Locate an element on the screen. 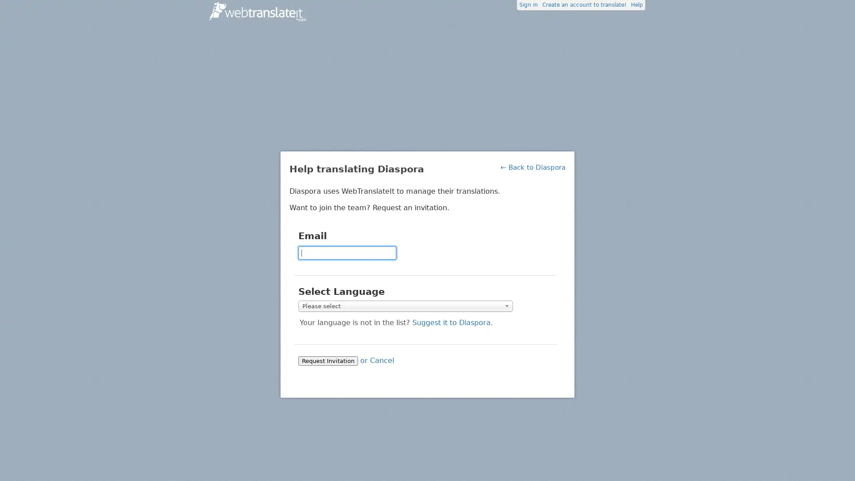 The height and width of the screenshot is (481, 855). Request Invitation is located at coordinates (328, 360).